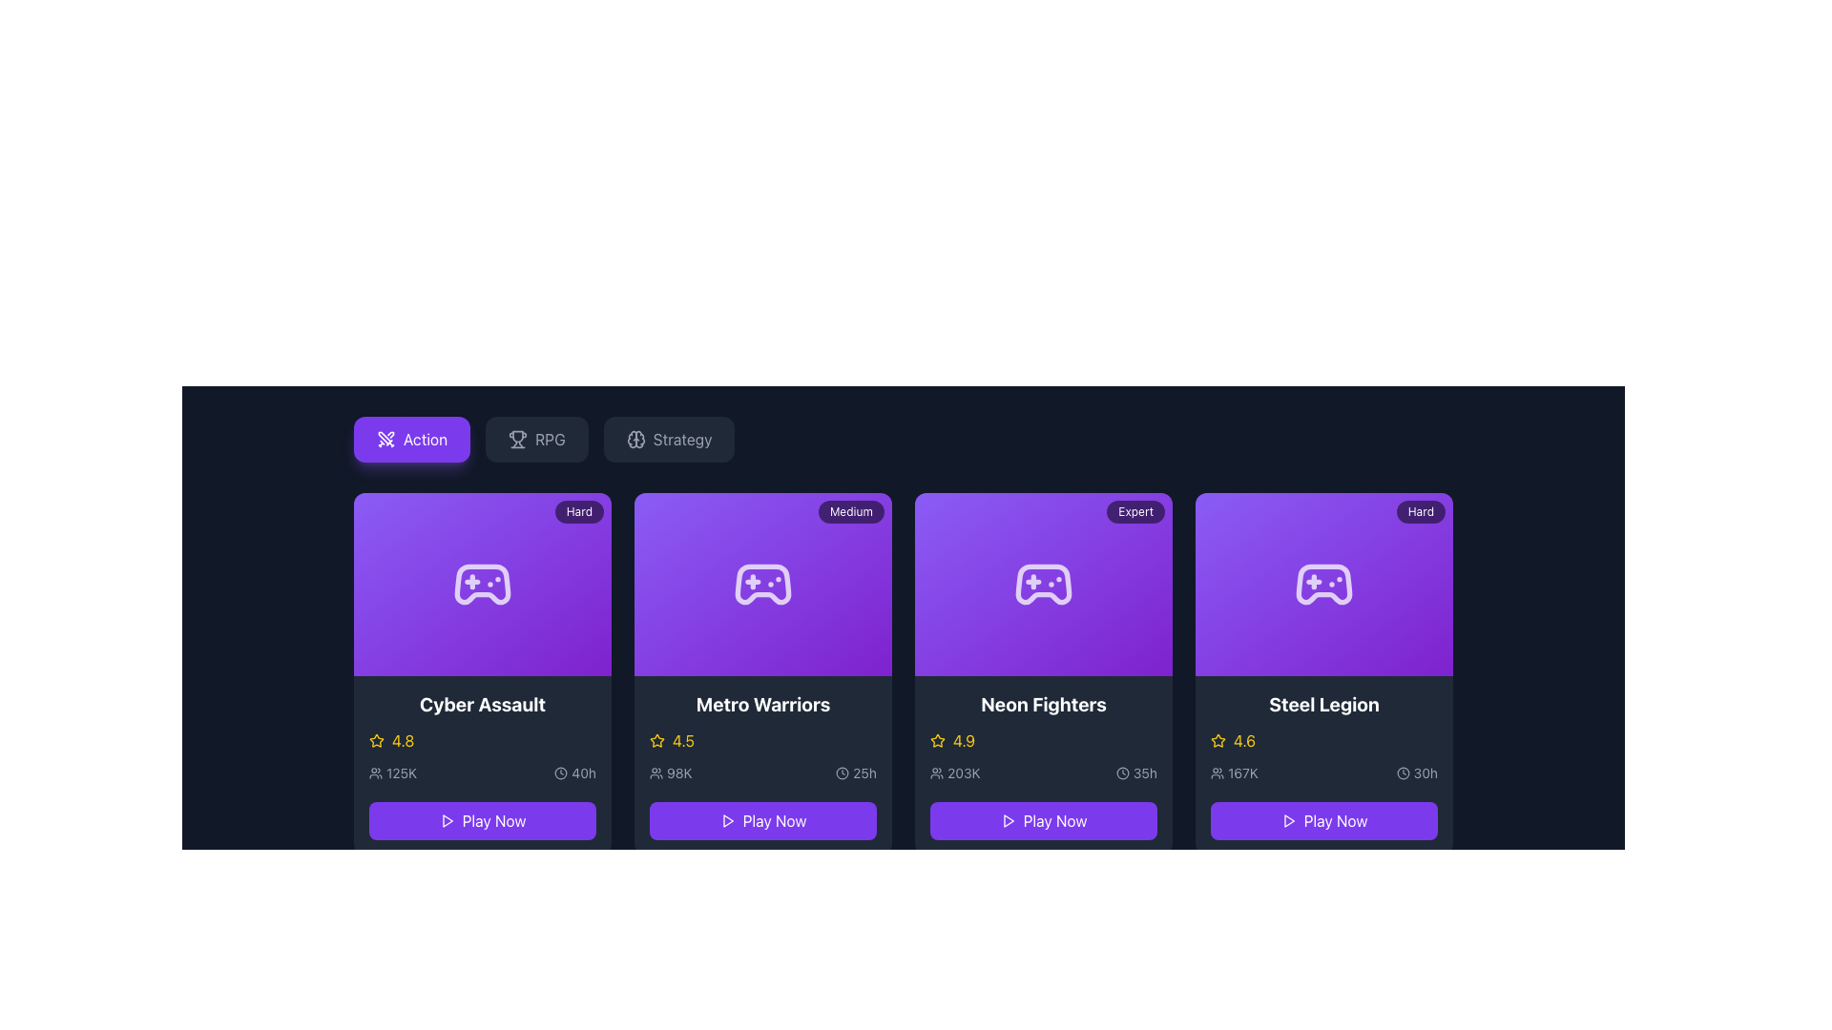 This screenshot has height=1030, width=1832. What do you see at coordinates (401, 772) in the screenshot?
I see `displayed value '125K' from the text label styled in white on a dark gray background, located in the bottom-left corner of the 'Cyber Assault' card, adjacent to a group icon` at bounding box center [401, 772].